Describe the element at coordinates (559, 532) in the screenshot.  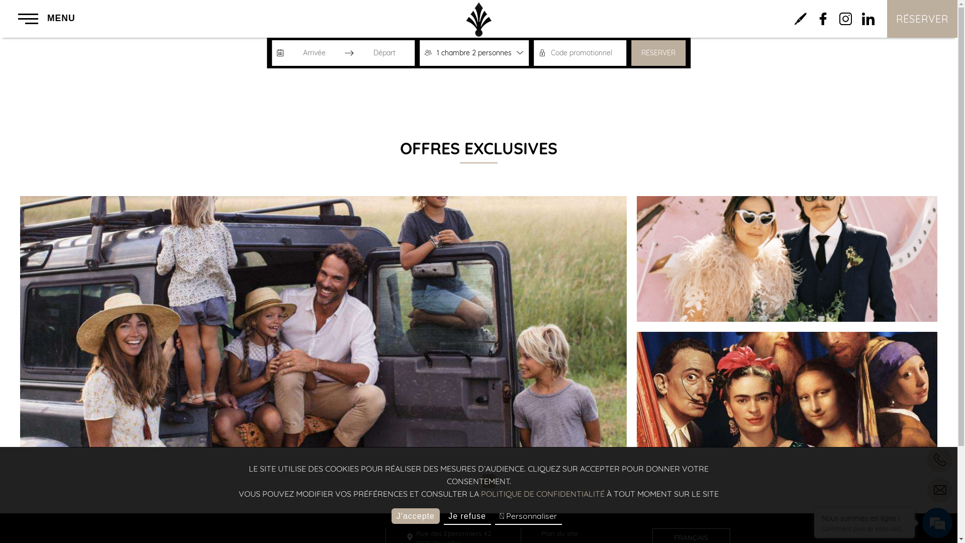
I see `'Plan du site'` at that location.